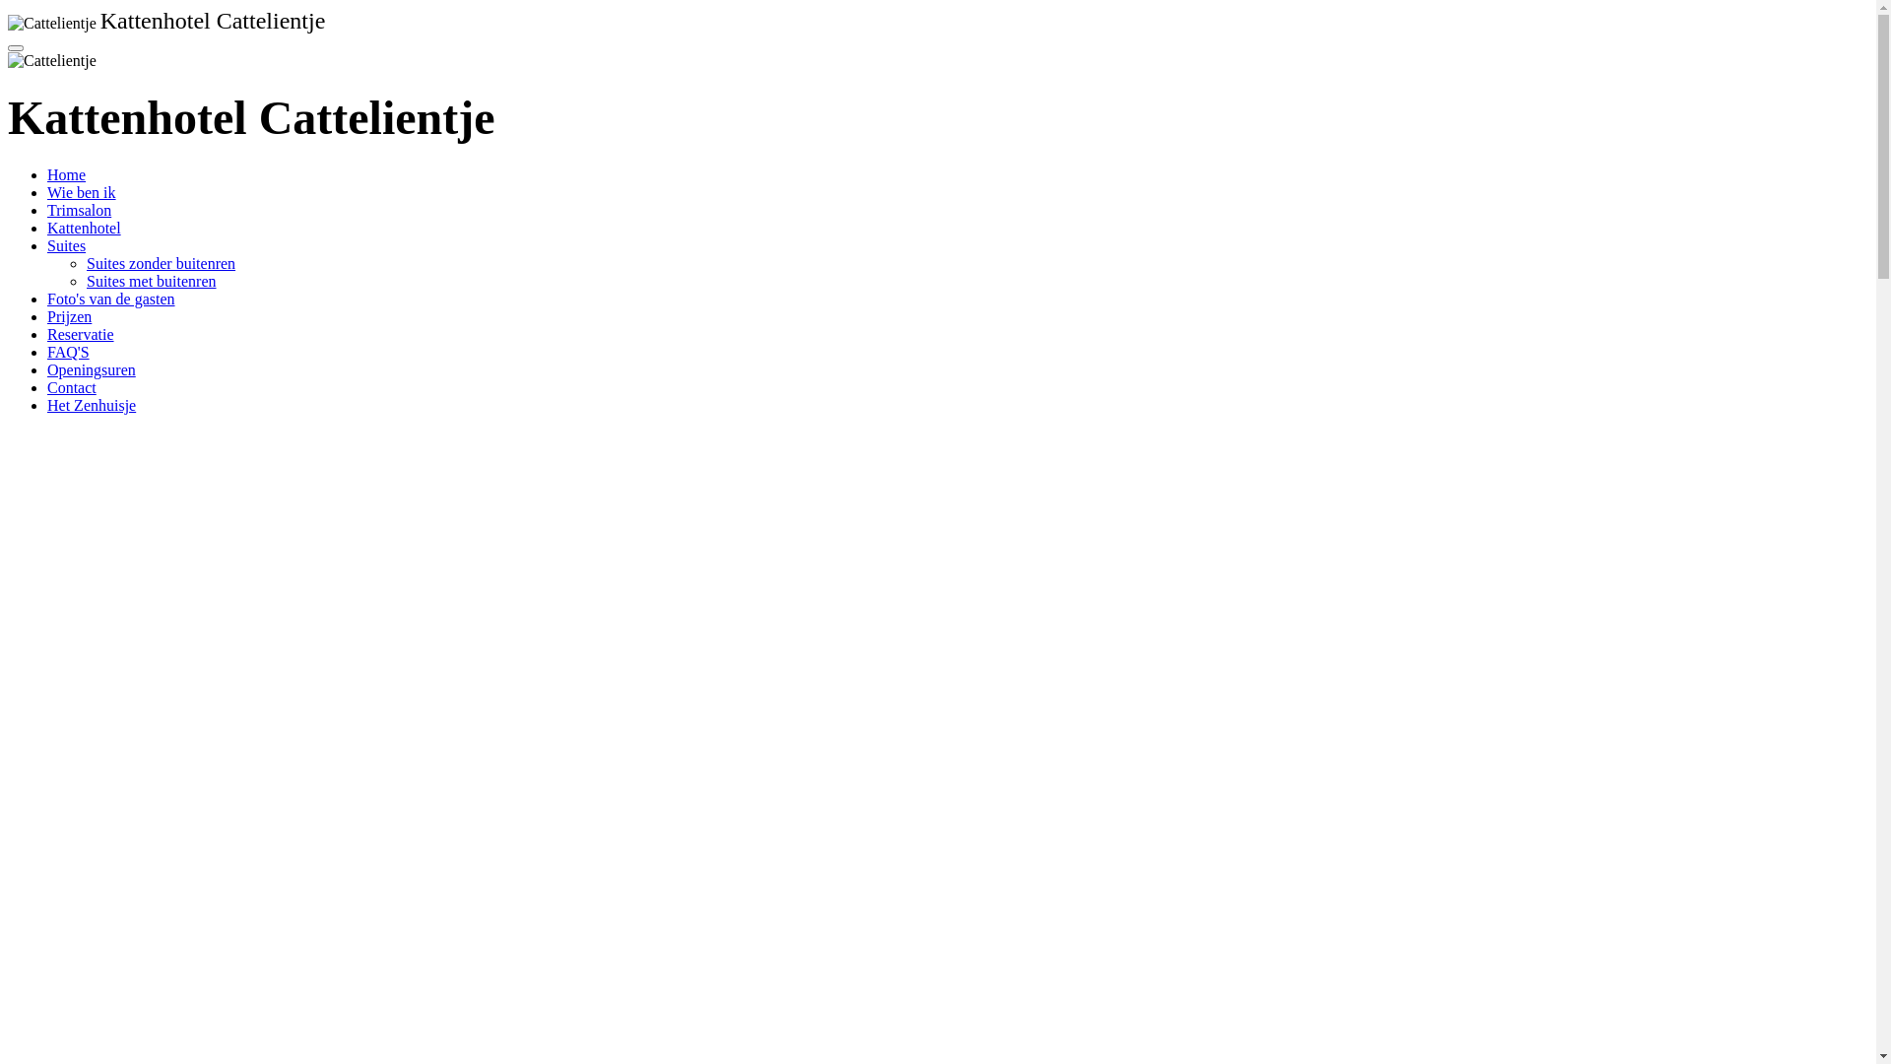 The width and height of the screenshot is (1891, 1064). What do you see at coordinates (8, 23) in the screenshot?
I see `'Cattelientje'` at bounding box center [8, 23].